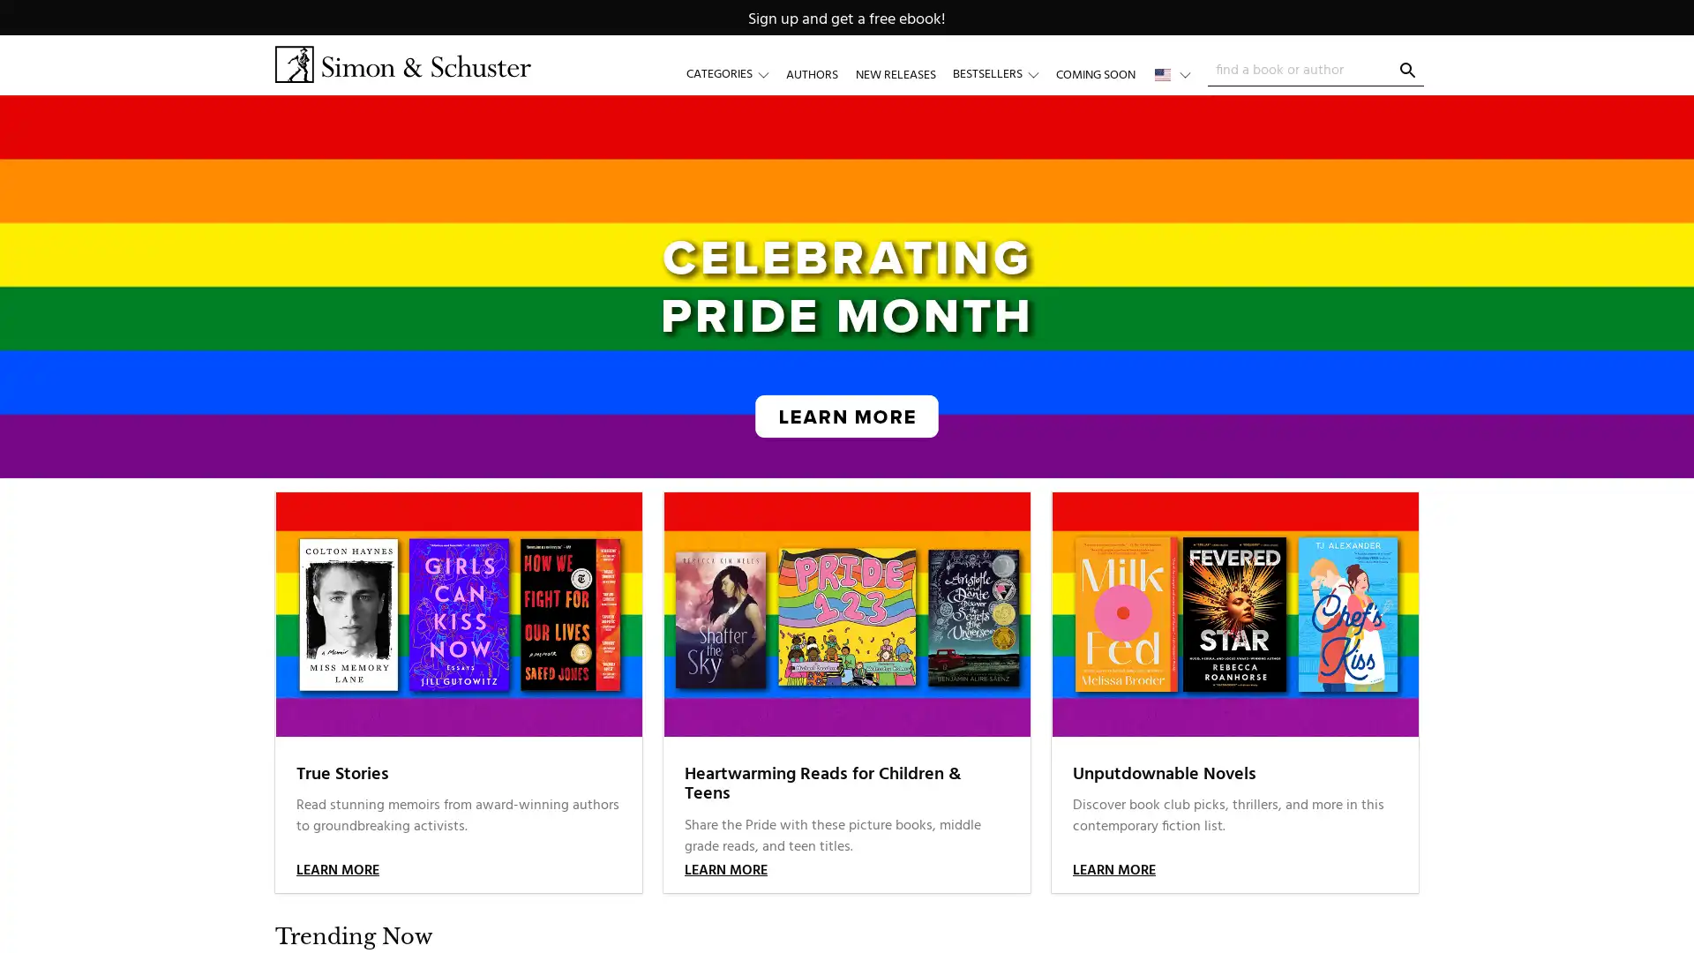  Describe the element at coordinates (401, 64) in the screenshot. I see `Simon & Schuster Logo` at that location.